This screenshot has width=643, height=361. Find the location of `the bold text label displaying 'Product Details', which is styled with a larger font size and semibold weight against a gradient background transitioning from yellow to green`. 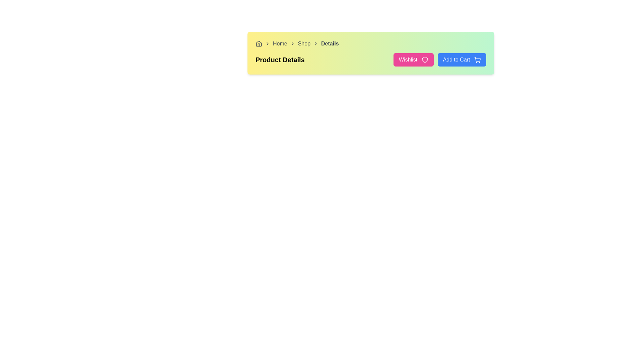

the bold text label displaying 'Product Details', which is styled with a larger font size and semibold weight against a gradient background transitioning from yellow to green is located at coordinates (280, 59).